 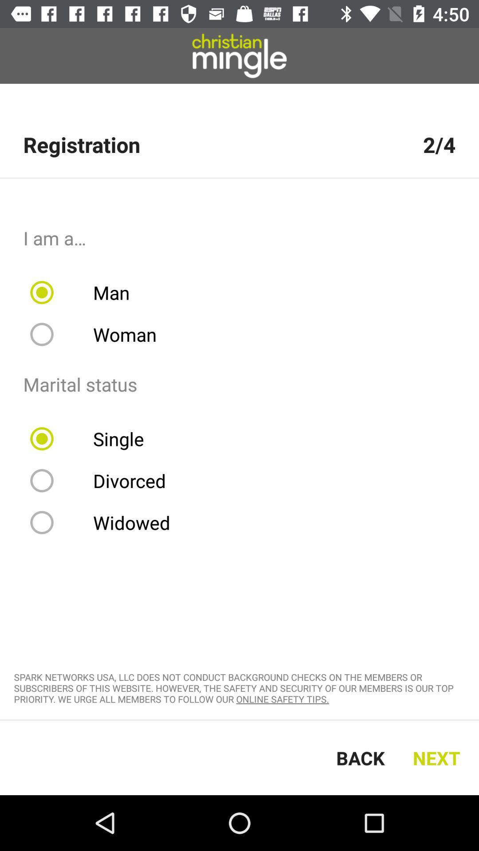 I want to click on the item below the marital status, so click(x=93, y=438).